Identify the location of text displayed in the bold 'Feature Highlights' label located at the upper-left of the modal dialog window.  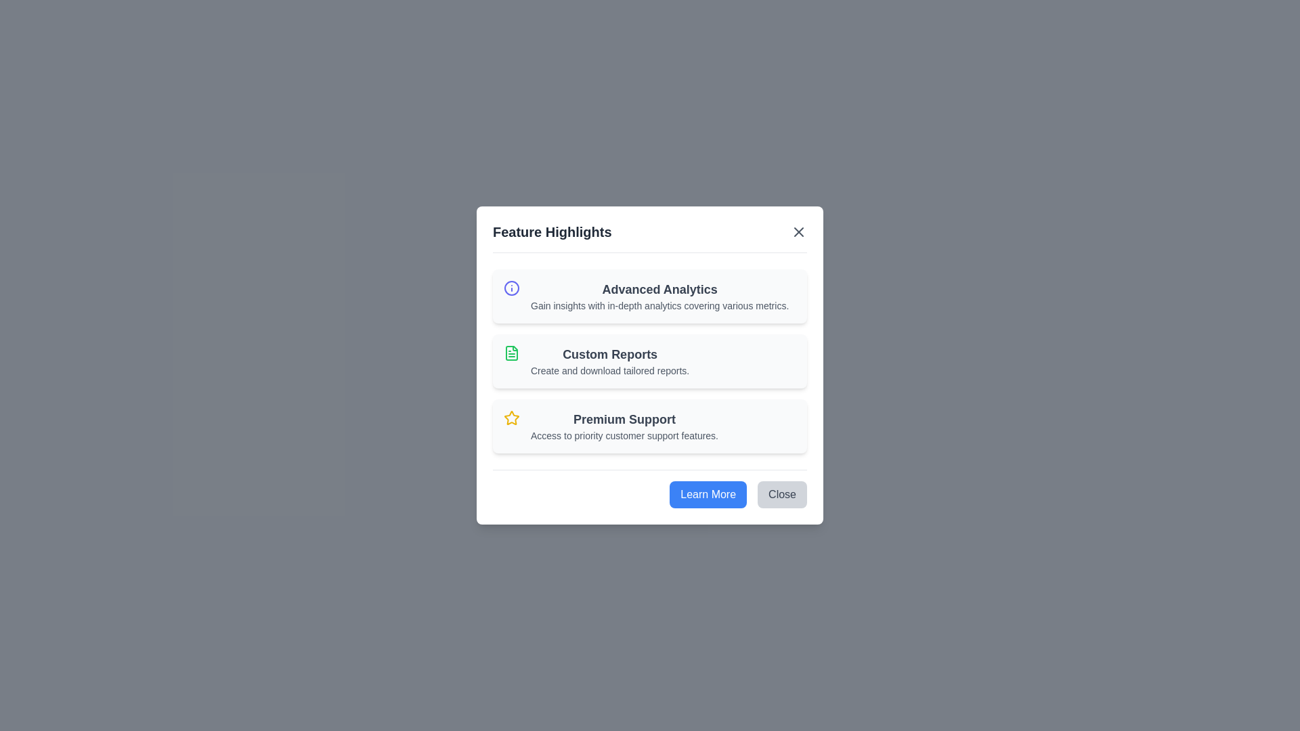
(552, 231).